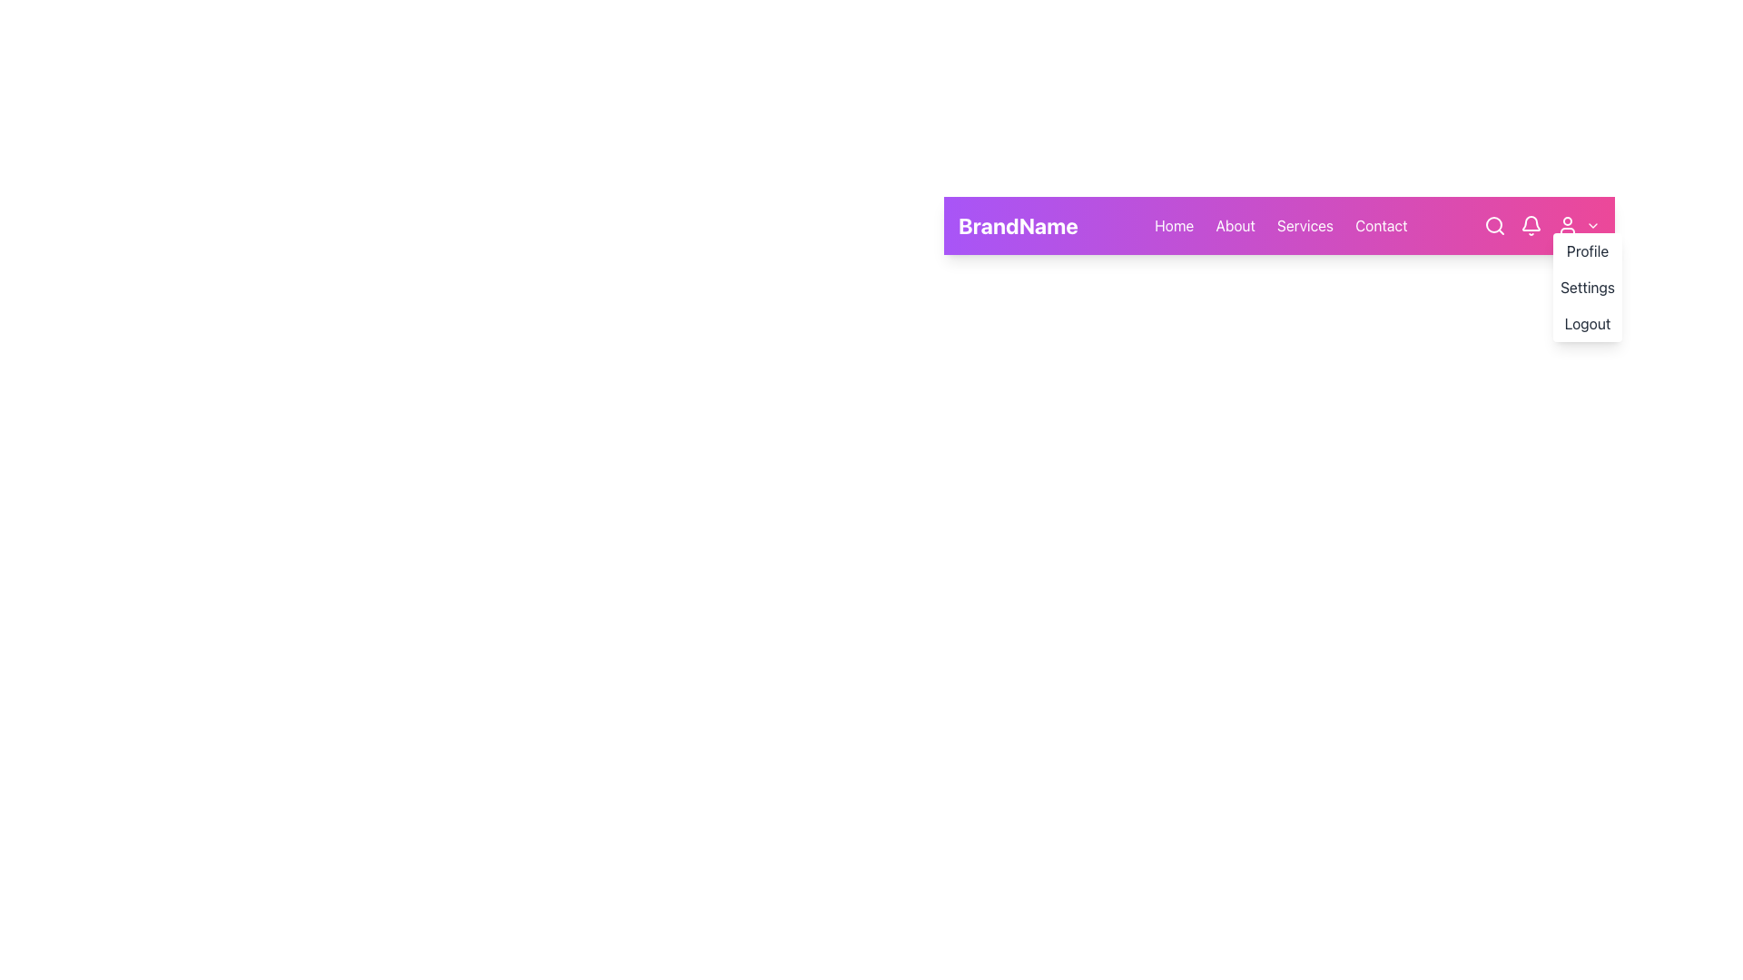 The image size is (1743, 980). Describe the element at coordinates (1530, 225) in the screenshot. I see `the bell-shaped notification icon in the navigation bar` at that location.